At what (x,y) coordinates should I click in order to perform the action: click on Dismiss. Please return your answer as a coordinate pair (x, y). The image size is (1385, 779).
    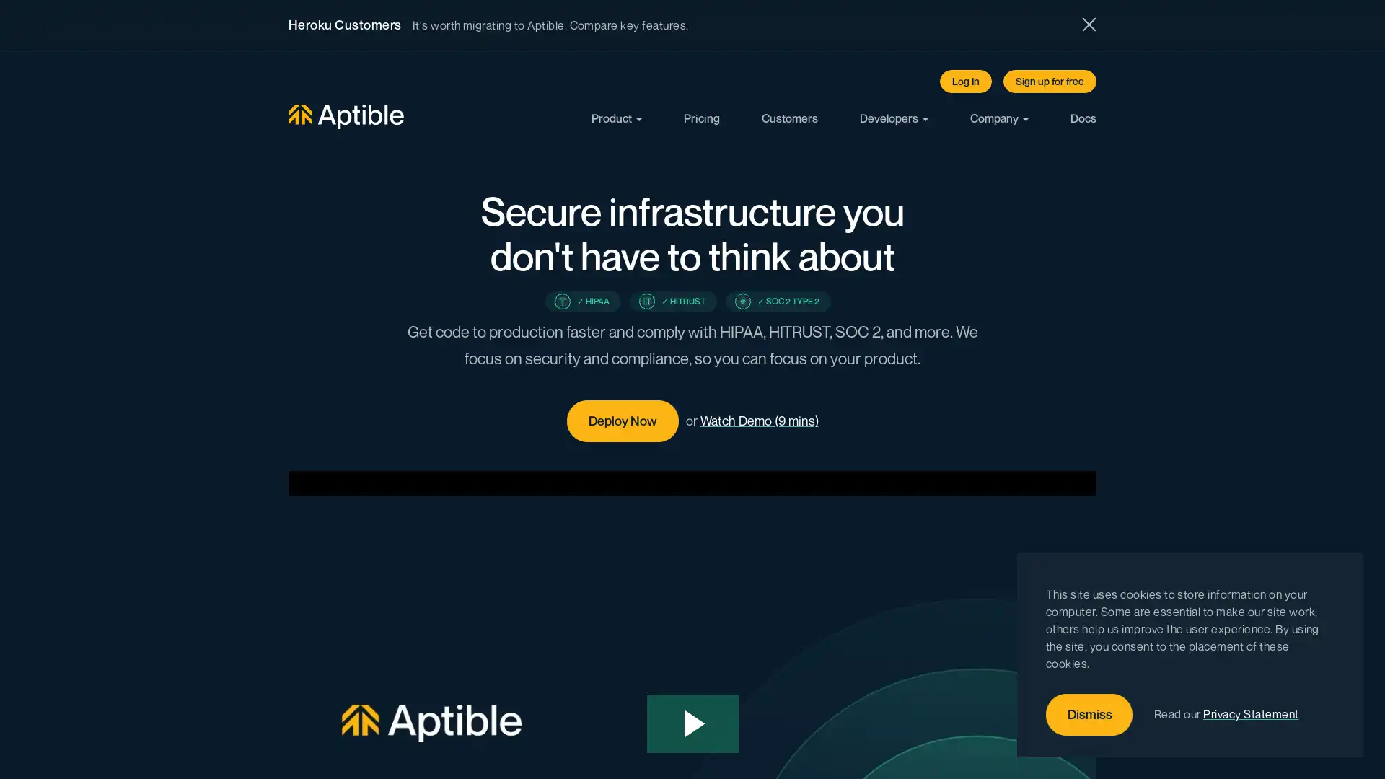
    Looking at the image, I should click on (1089, 715).